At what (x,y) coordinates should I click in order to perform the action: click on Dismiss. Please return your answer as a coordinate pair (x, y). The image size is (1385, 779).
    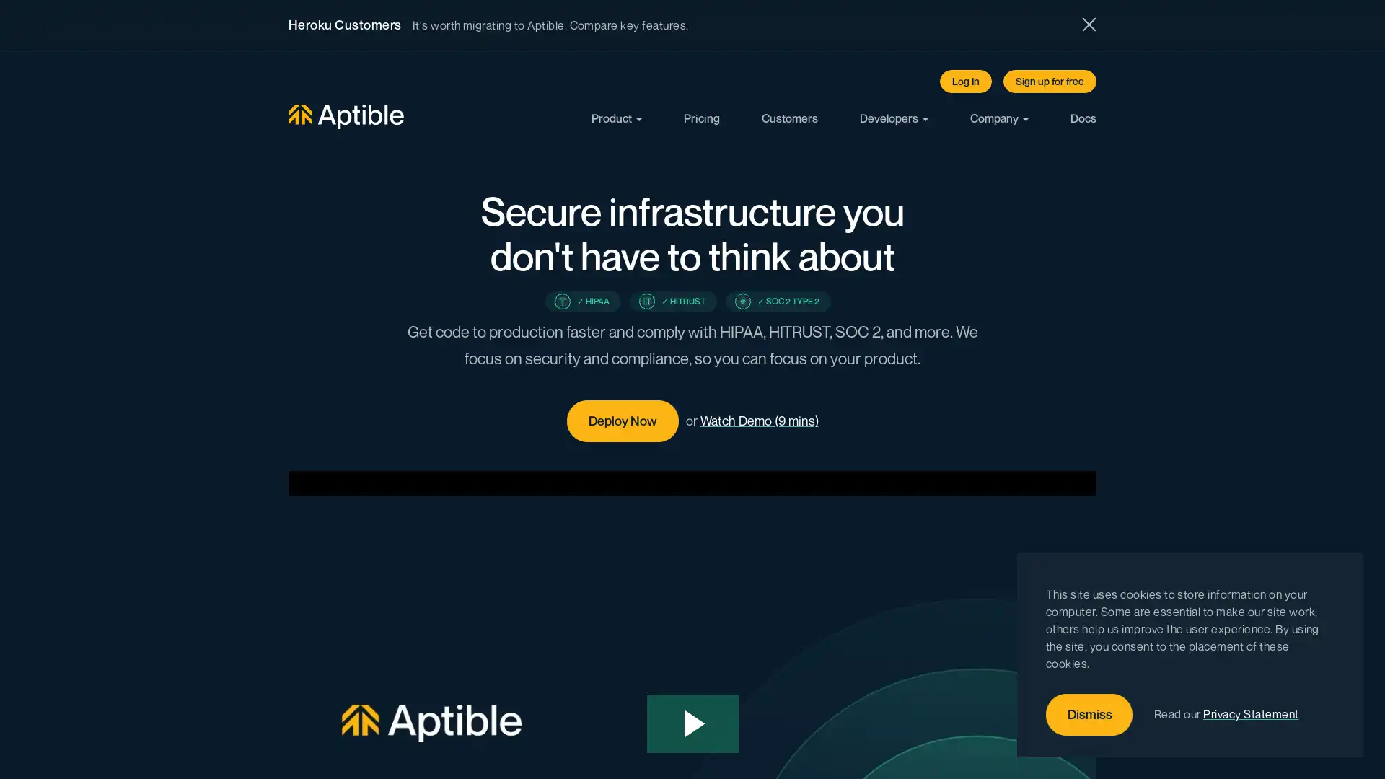
    Looking at the image, I should click on (1089, 715).